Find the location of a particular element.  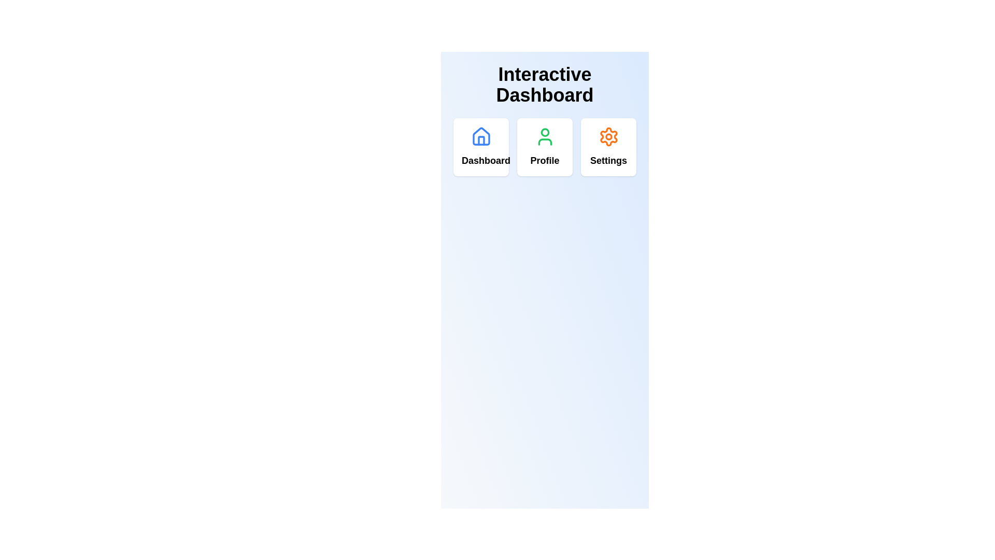

the Profile icon located in the central card of the application, which is vertically aligned under the label 'Profile' is located at coordinates (544, 136).